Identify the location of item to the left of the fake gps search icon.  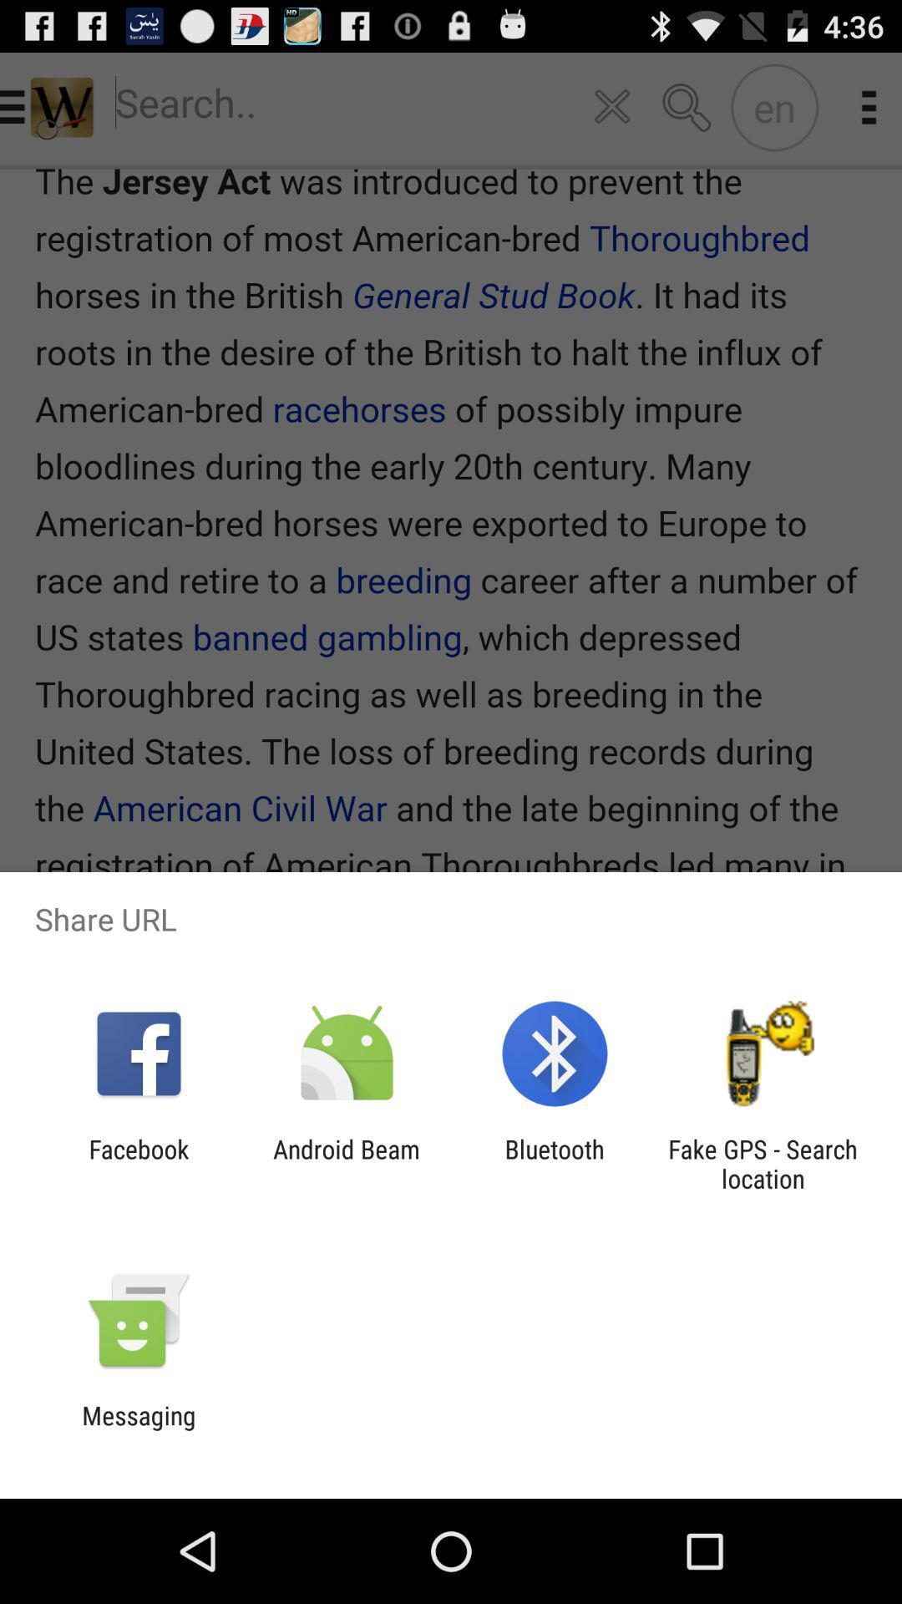
(555, 1163).